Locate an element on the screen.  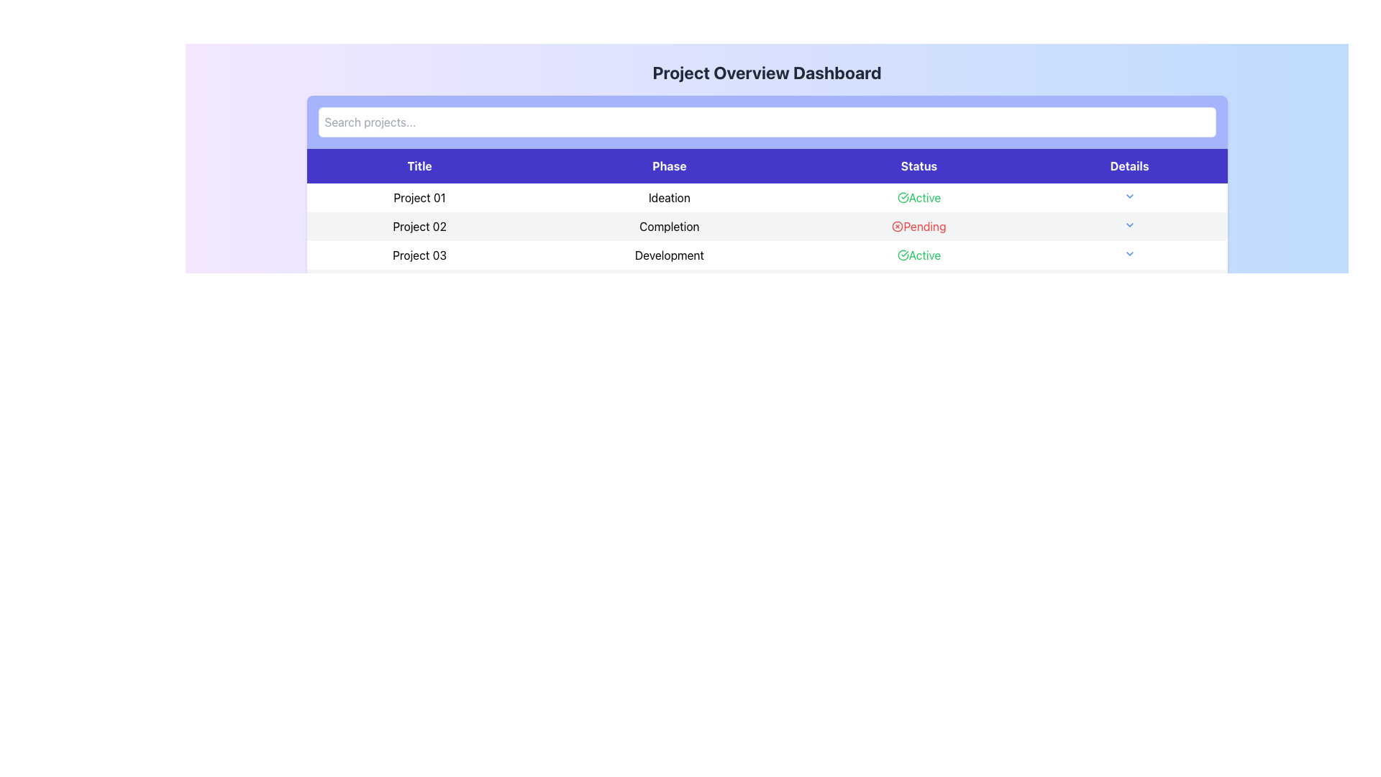
the Dropdown toggle button located in the last column of the 'Project 01' row is located at coordinates (1129, 197).